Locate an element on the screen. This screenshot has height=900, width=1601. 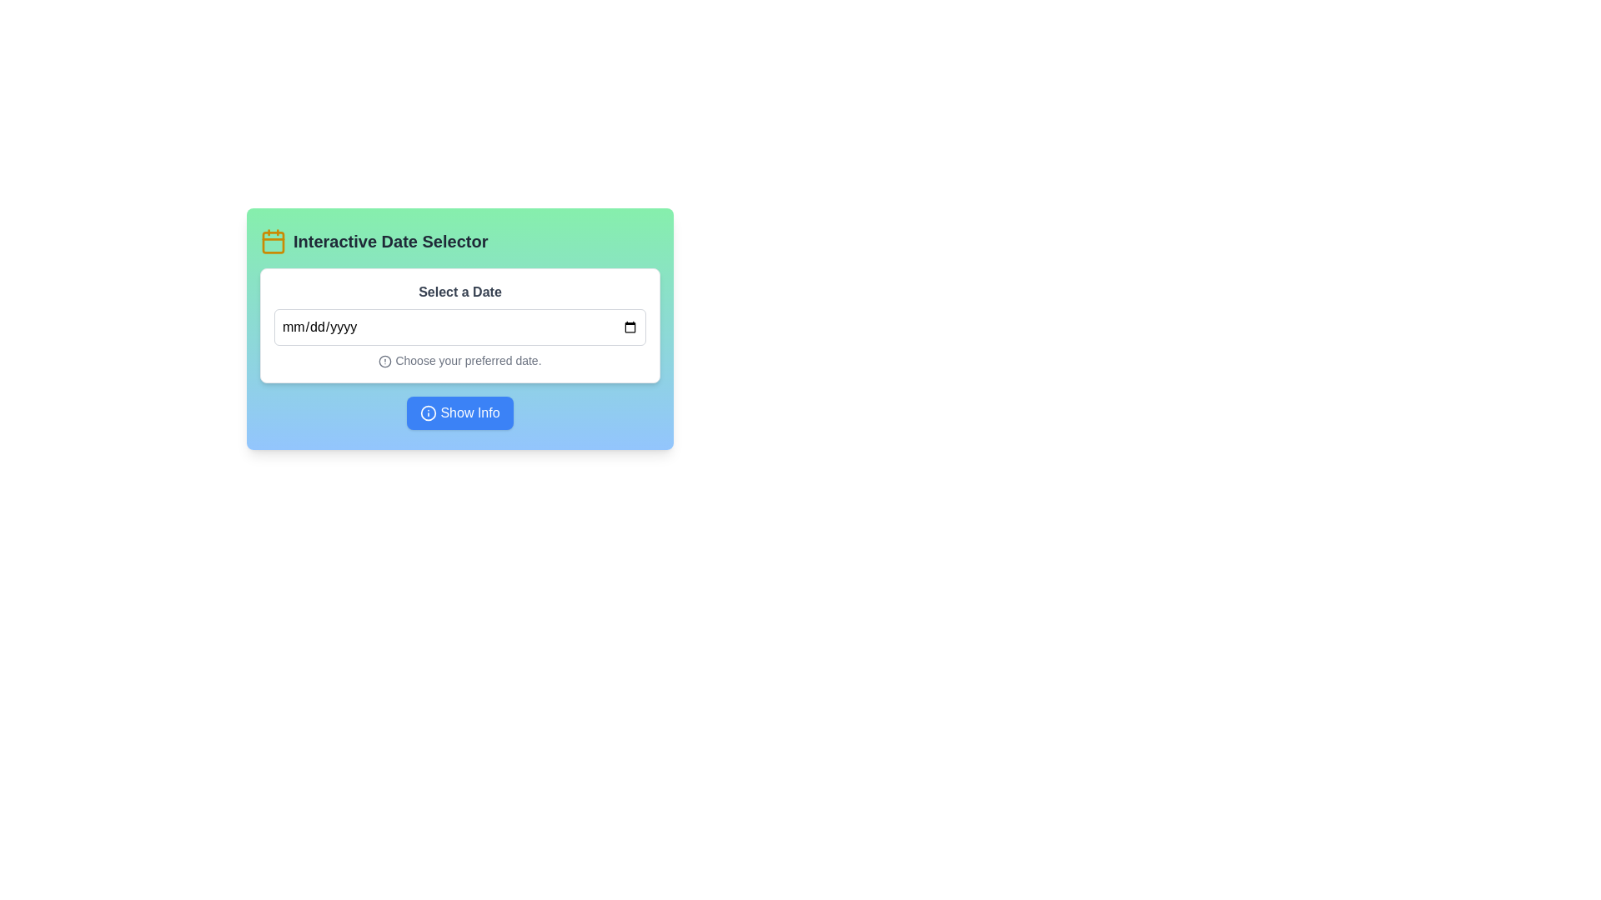
the SVG circle element located within the 'Show Info' button, which serves as a symbolic representation of the button's function is located at coordinates (429, 412).